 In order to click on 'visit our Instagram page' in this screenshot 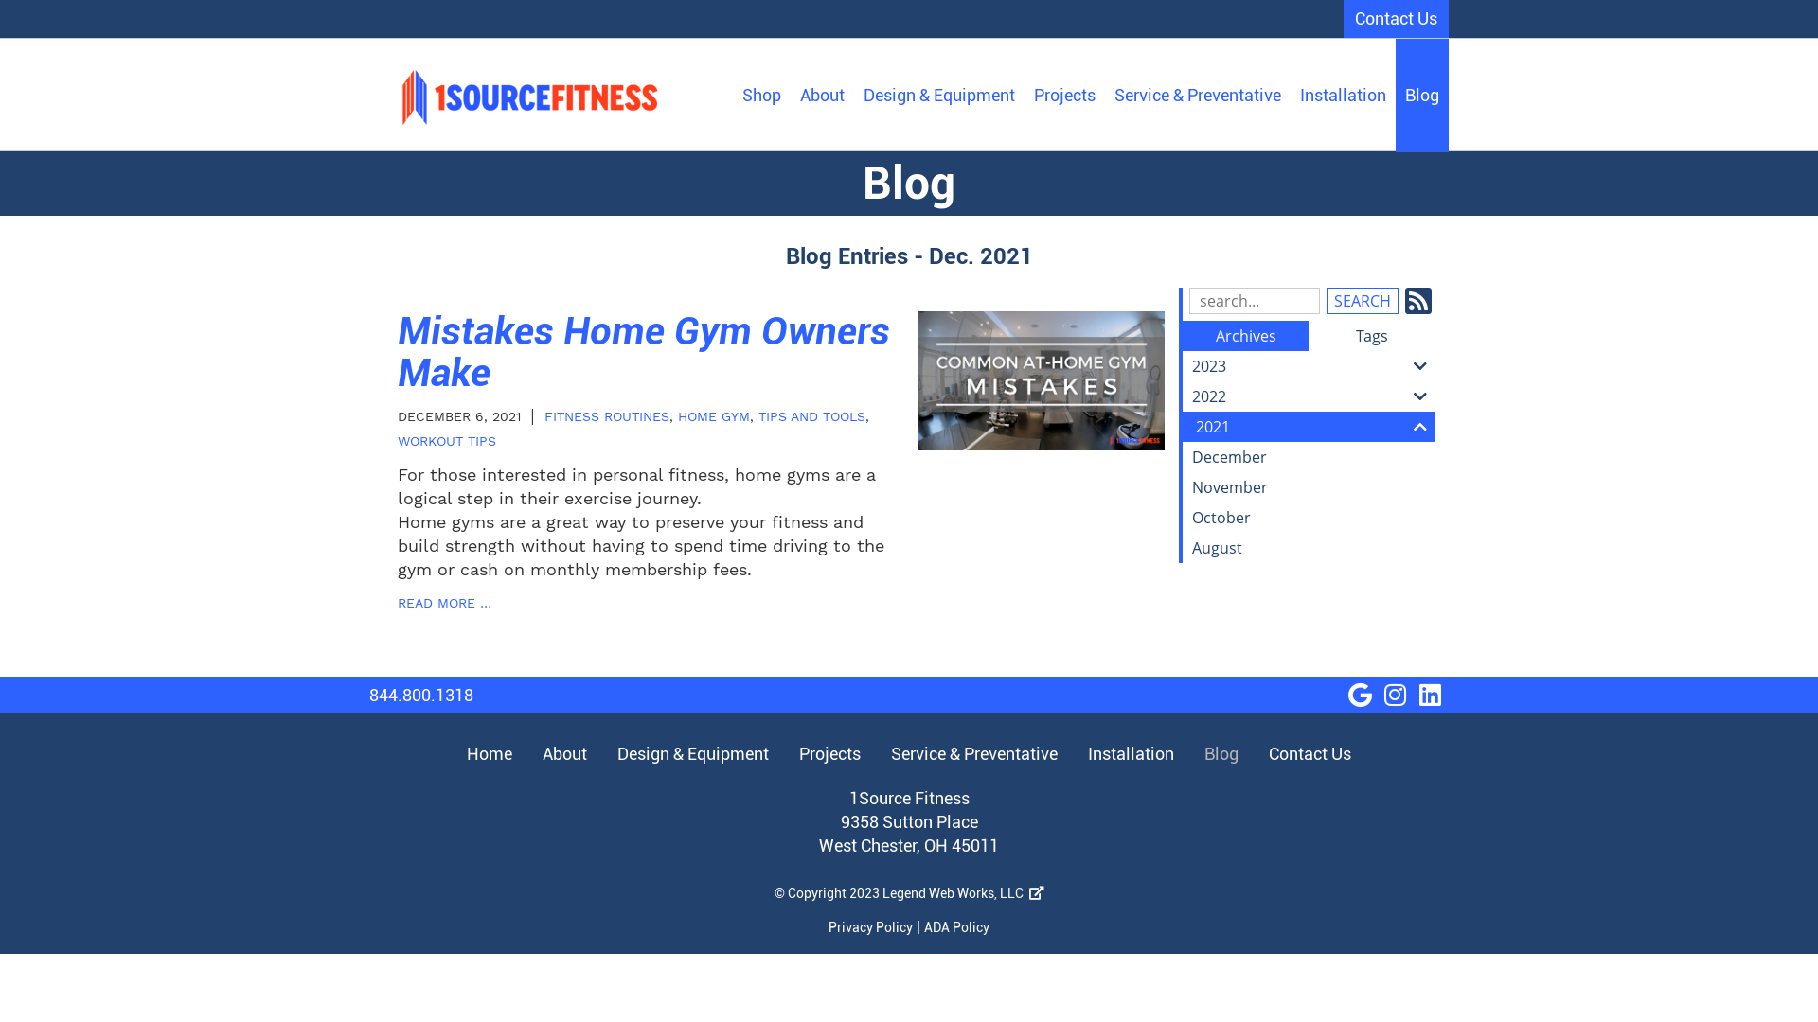, I will do `click(1395, 694)`.